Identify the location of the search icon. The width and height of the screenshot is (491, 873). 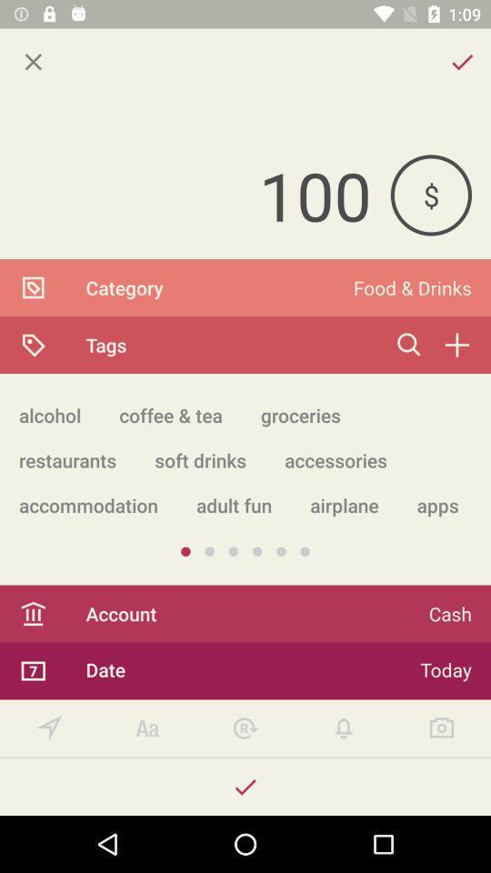
(409, 344).